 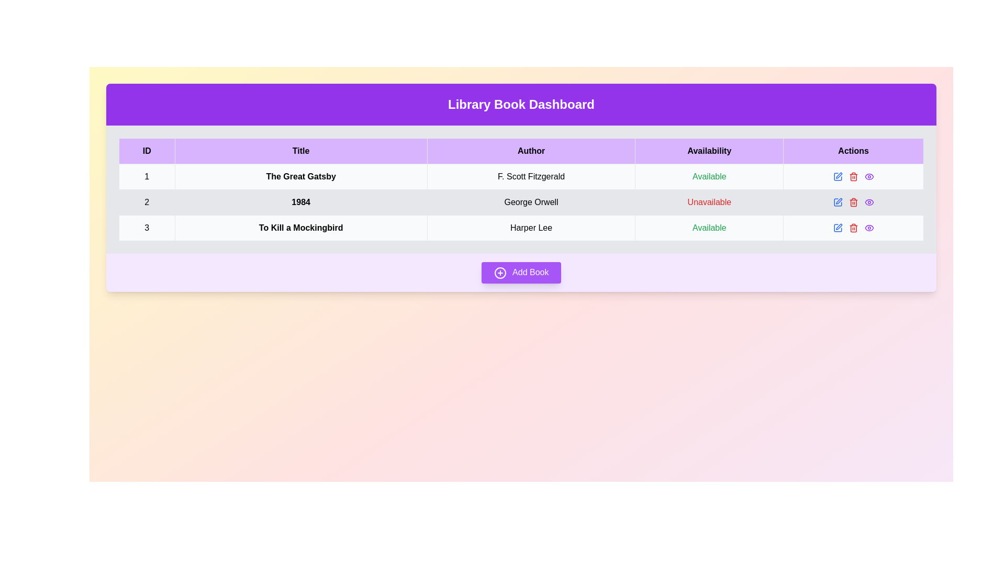 I want to click on the edit Icon button in the 'Actions' column of the last row in the table for the book 'To Kill a Mockingbird', so click(x=837, y=227).